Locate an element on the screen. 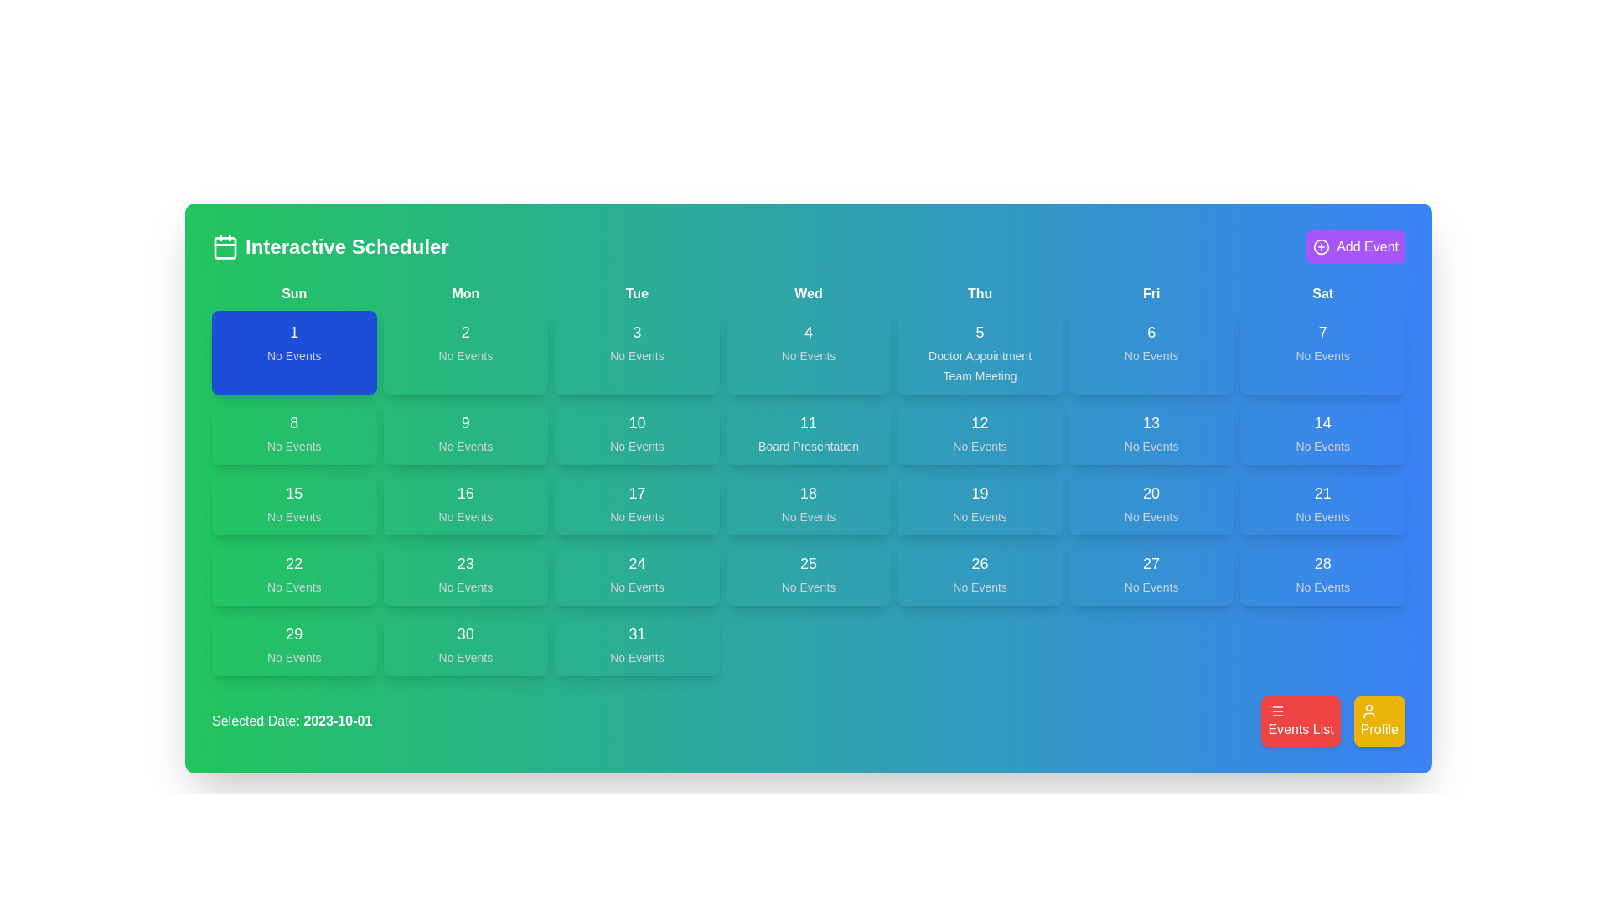 The width and height of the screenshot is (1609, 905). the 'Team Meeting' text label located in the Thursday column of the calendar interface, positioned directly below the 'Doctor Appointment' label is located at coordinates (980, 375).